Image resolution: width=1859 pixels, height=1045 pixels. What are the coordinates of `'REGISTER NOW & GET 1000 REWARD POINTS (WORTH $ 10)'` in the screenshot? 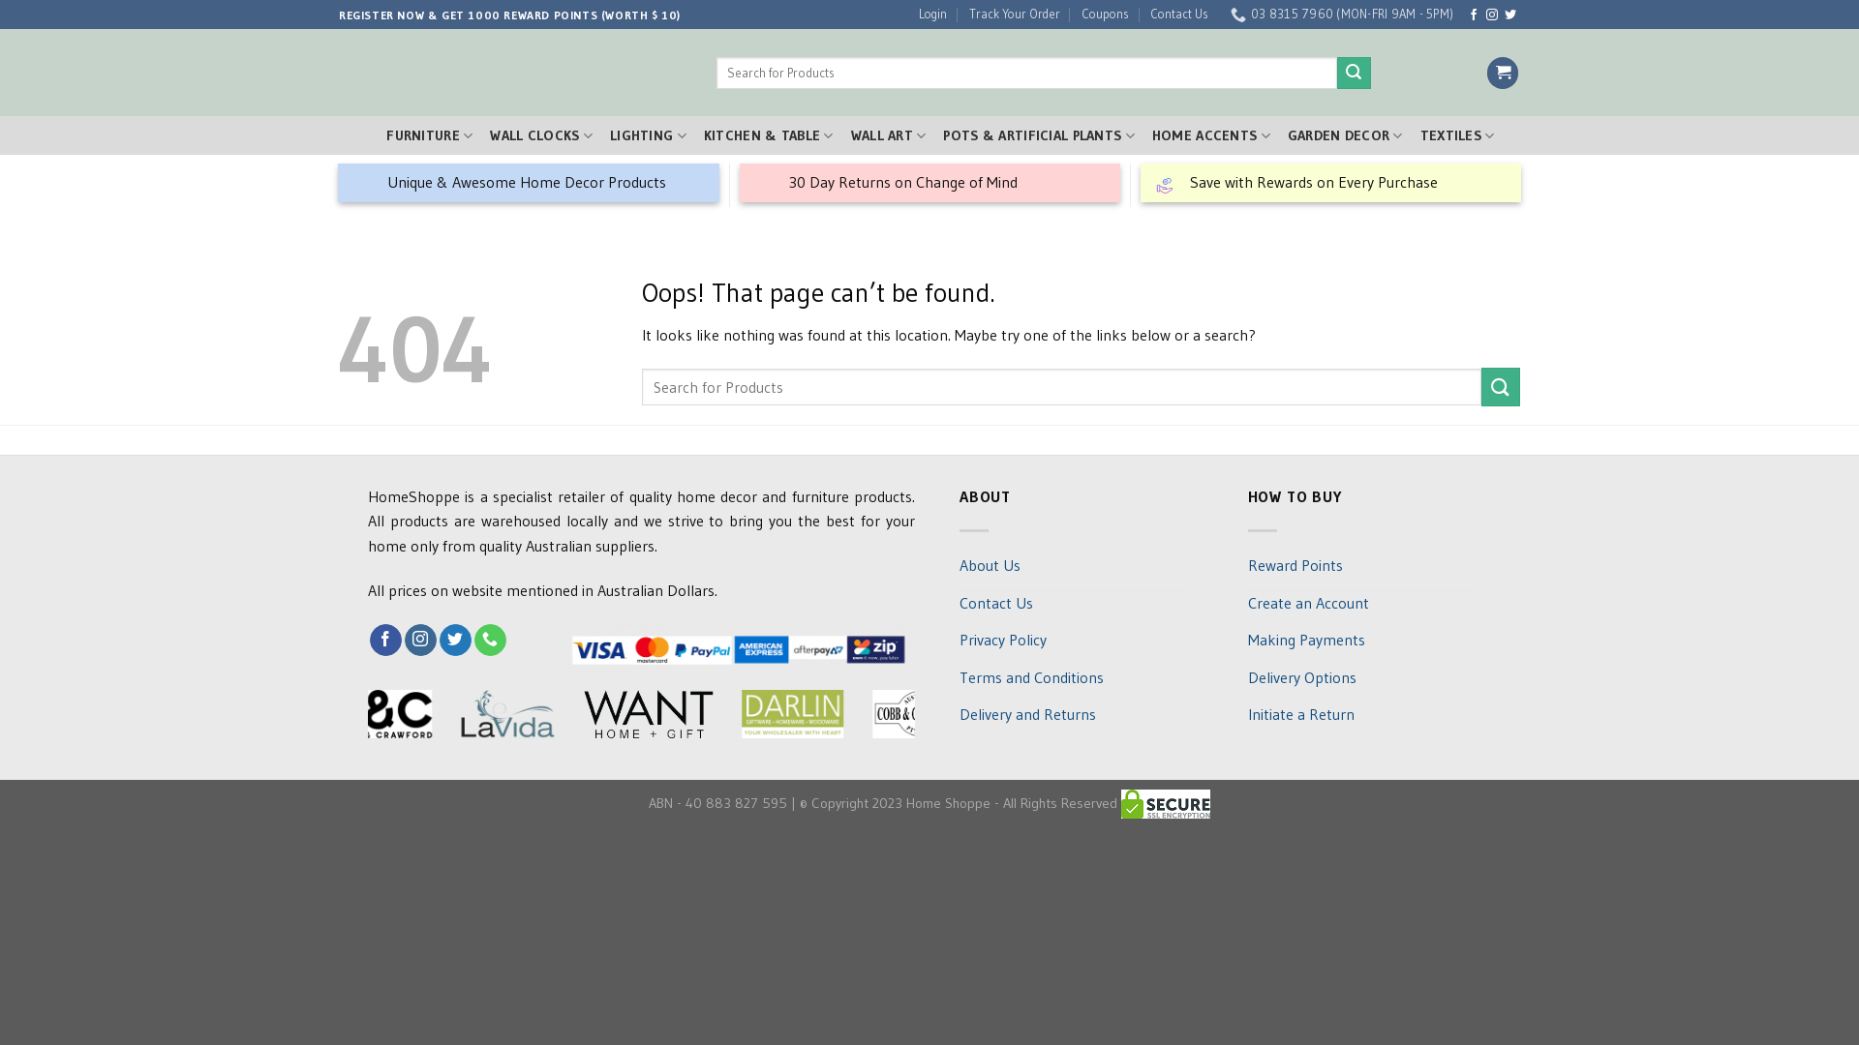 It's located at (502, 15).